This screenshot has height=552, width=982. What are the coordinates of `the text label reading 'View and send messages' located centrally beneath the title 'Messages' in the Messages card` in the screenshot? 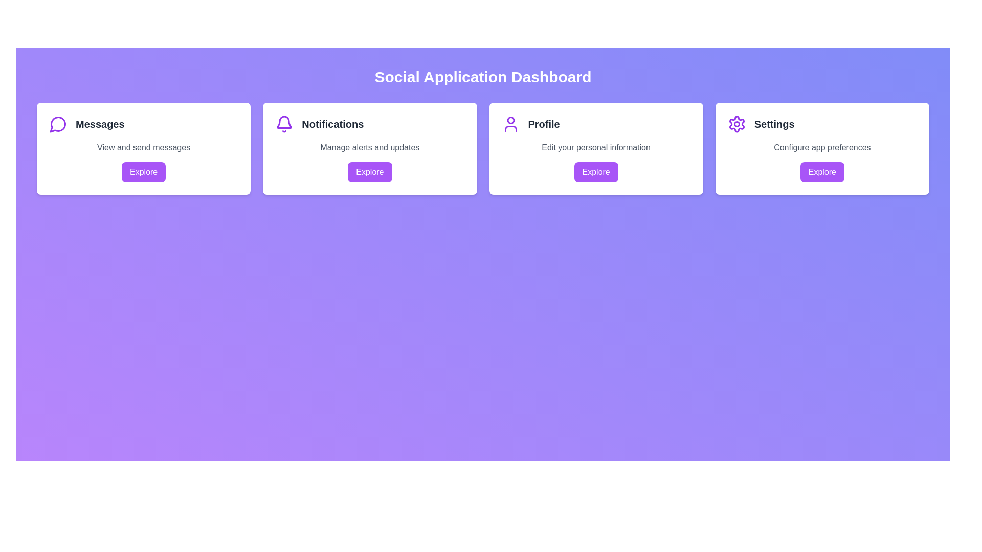 It's located at (143, 148).